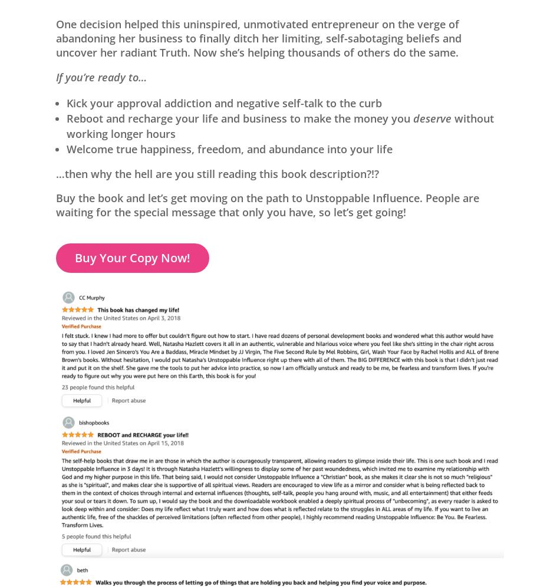 The width and height of the screenshot is (560, 587). Describe the element at coordinates (66, 117) in the screenshot. I see `'Reboot and recharge your life and business to make the money you'` at that location.